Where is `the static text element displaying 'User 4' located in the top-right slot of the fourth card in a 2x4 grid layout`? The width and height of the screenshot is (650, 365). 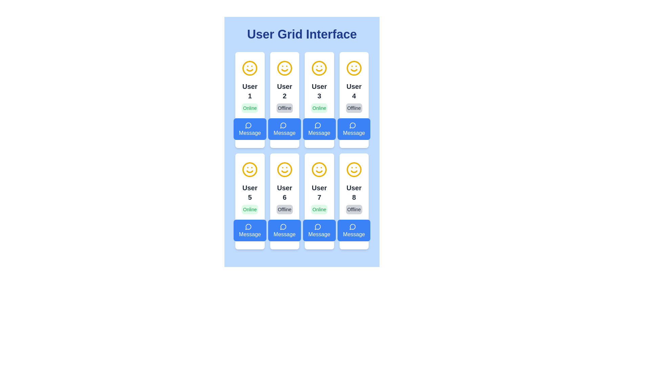 the static text element displaying 'User 4' located in the top-right slot of the fourth card in a 2x4 grid layout is located at coordinates (353, 91).